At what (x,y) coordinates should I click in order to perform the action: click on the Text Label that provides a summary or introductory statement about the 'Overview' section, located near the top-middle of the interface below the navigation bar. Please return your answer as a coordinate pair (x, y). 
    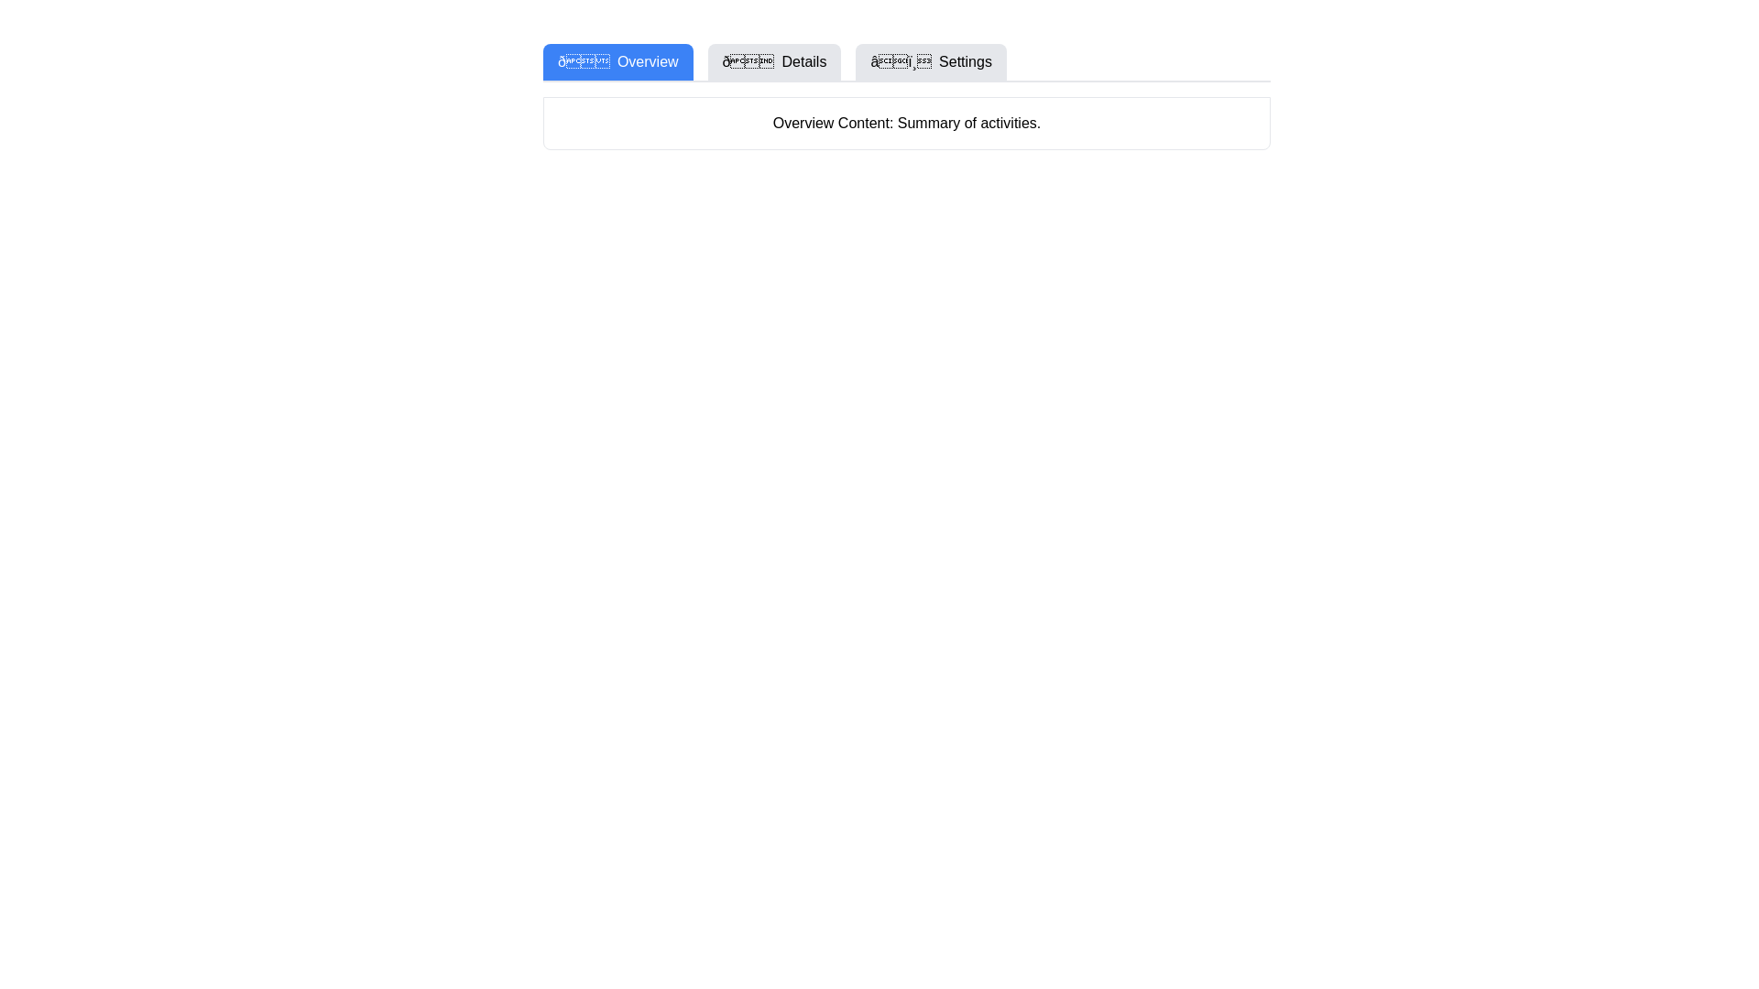
    Looking at the image, I should click on (906, 124).